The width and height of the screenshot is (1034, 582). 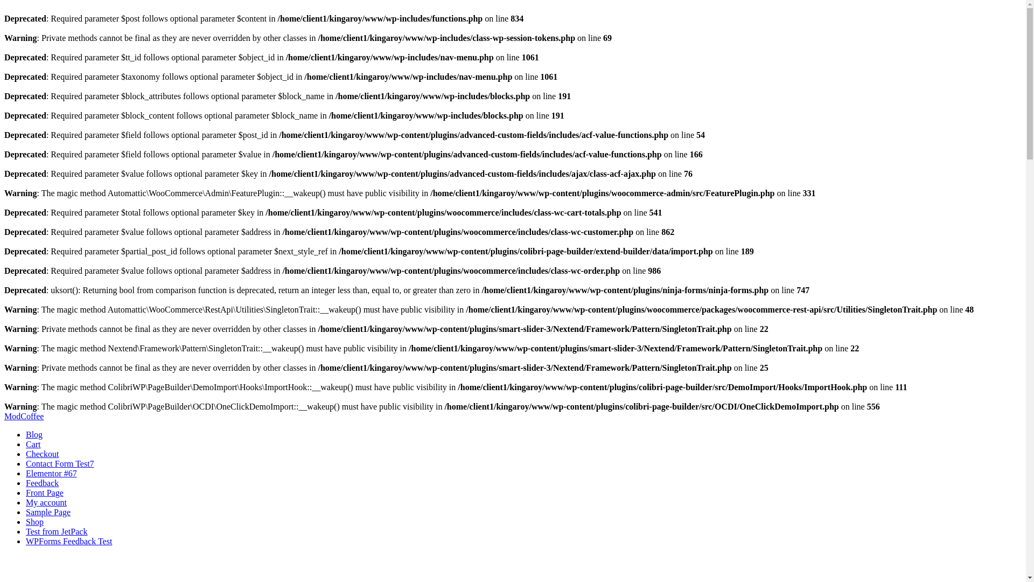 I want to click on 'Contact Form Test7', so click(x=26, y=463).